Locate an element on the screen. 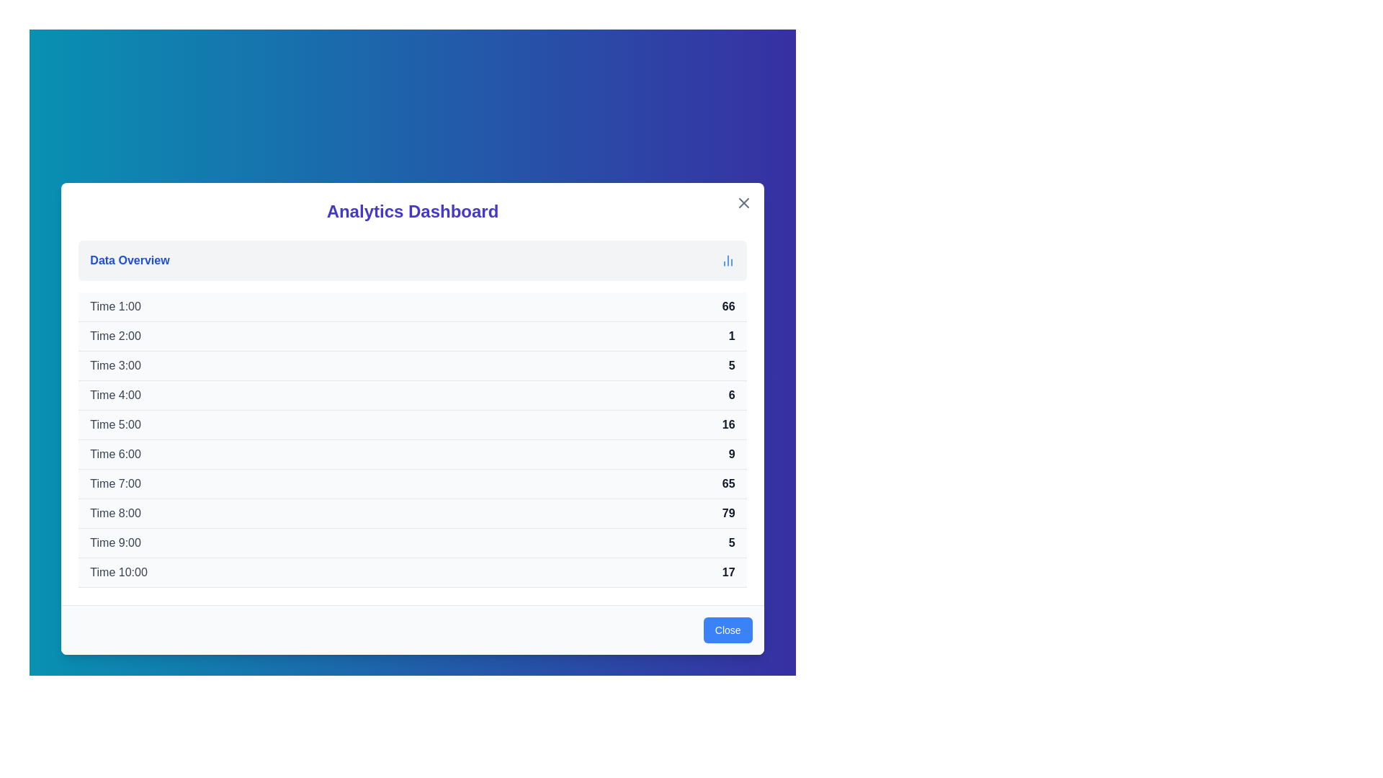 This screenshot has height=778, width=1383. 'Close' button to dismiss the dialog is located at coordinates (728, 629).